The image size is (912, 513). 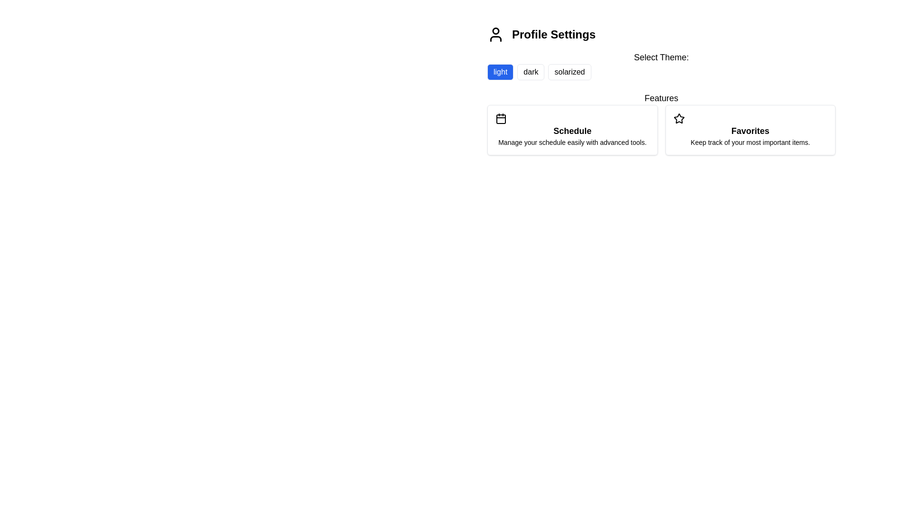 What do you see at coordinates (500, 71) in the screenshot?
I see `the leftmost button labeled 'light' with a blue background` at bounding box center [500, 71].